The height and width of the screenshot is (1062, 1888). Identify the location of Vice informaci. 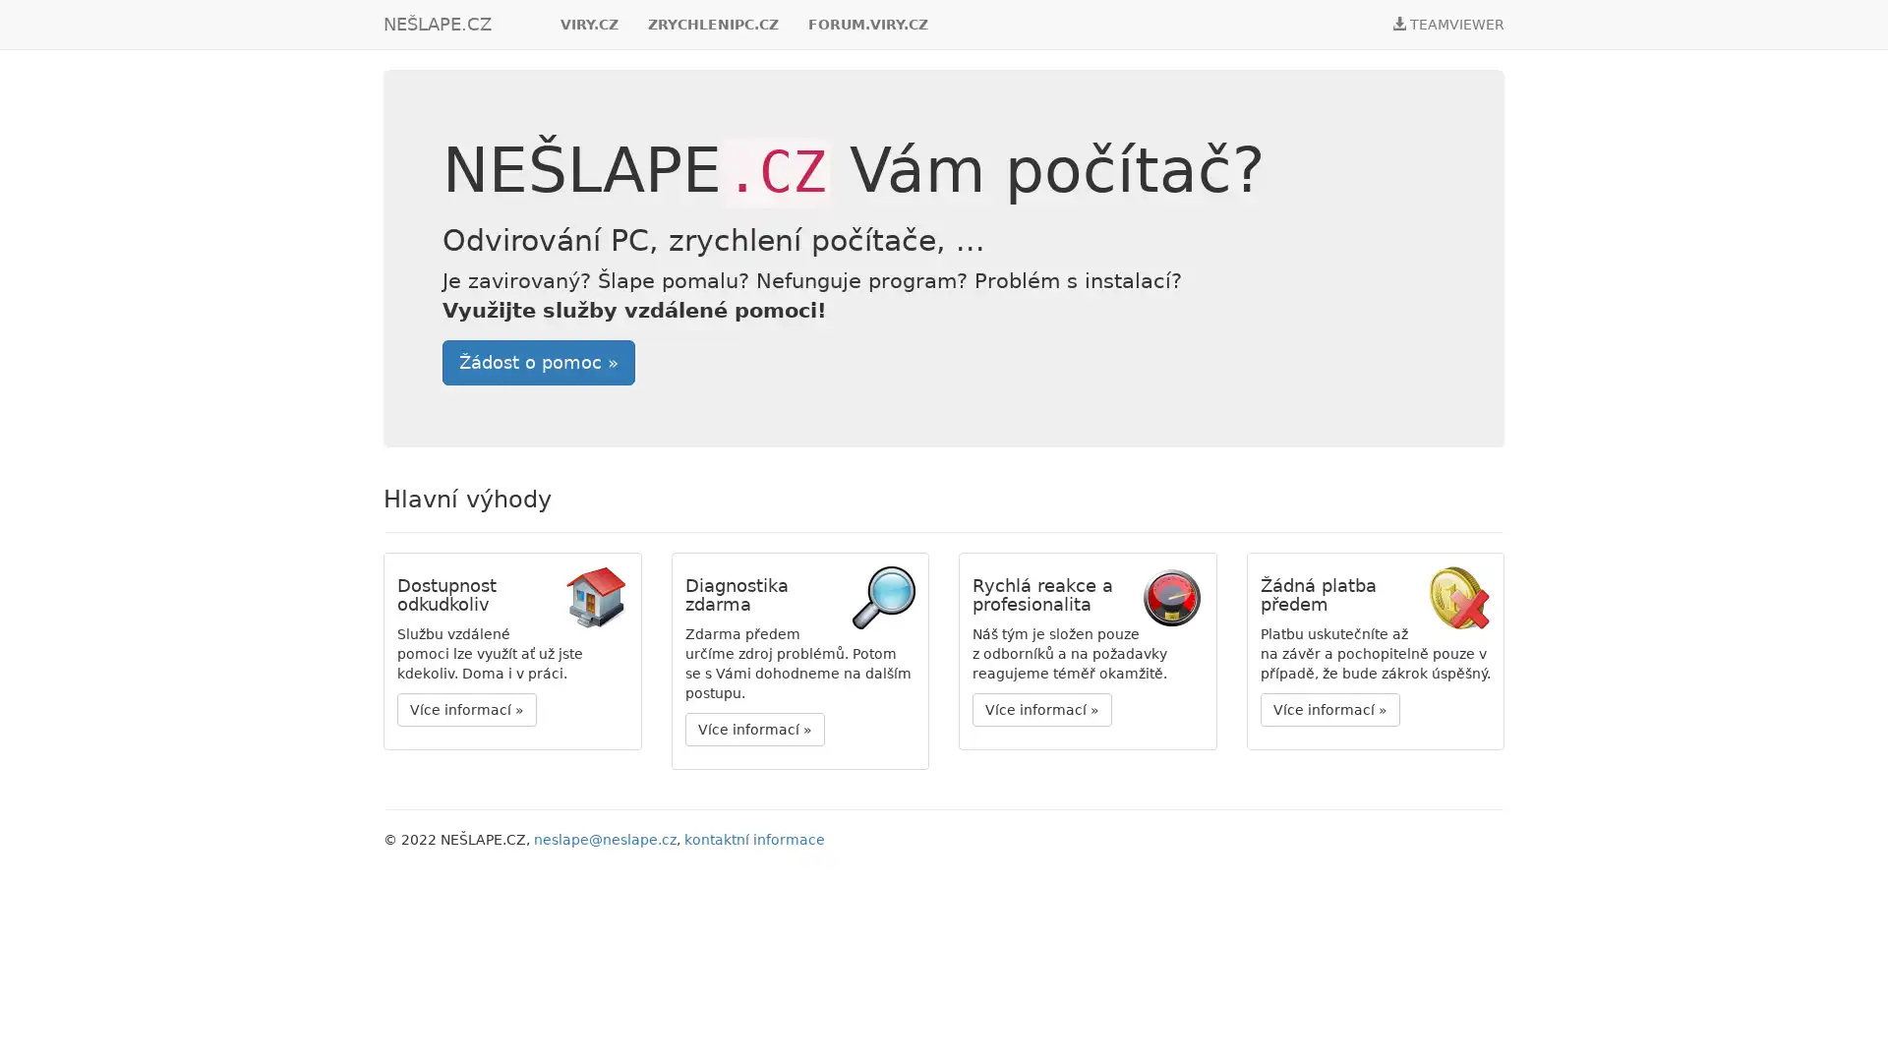
(753, 729).